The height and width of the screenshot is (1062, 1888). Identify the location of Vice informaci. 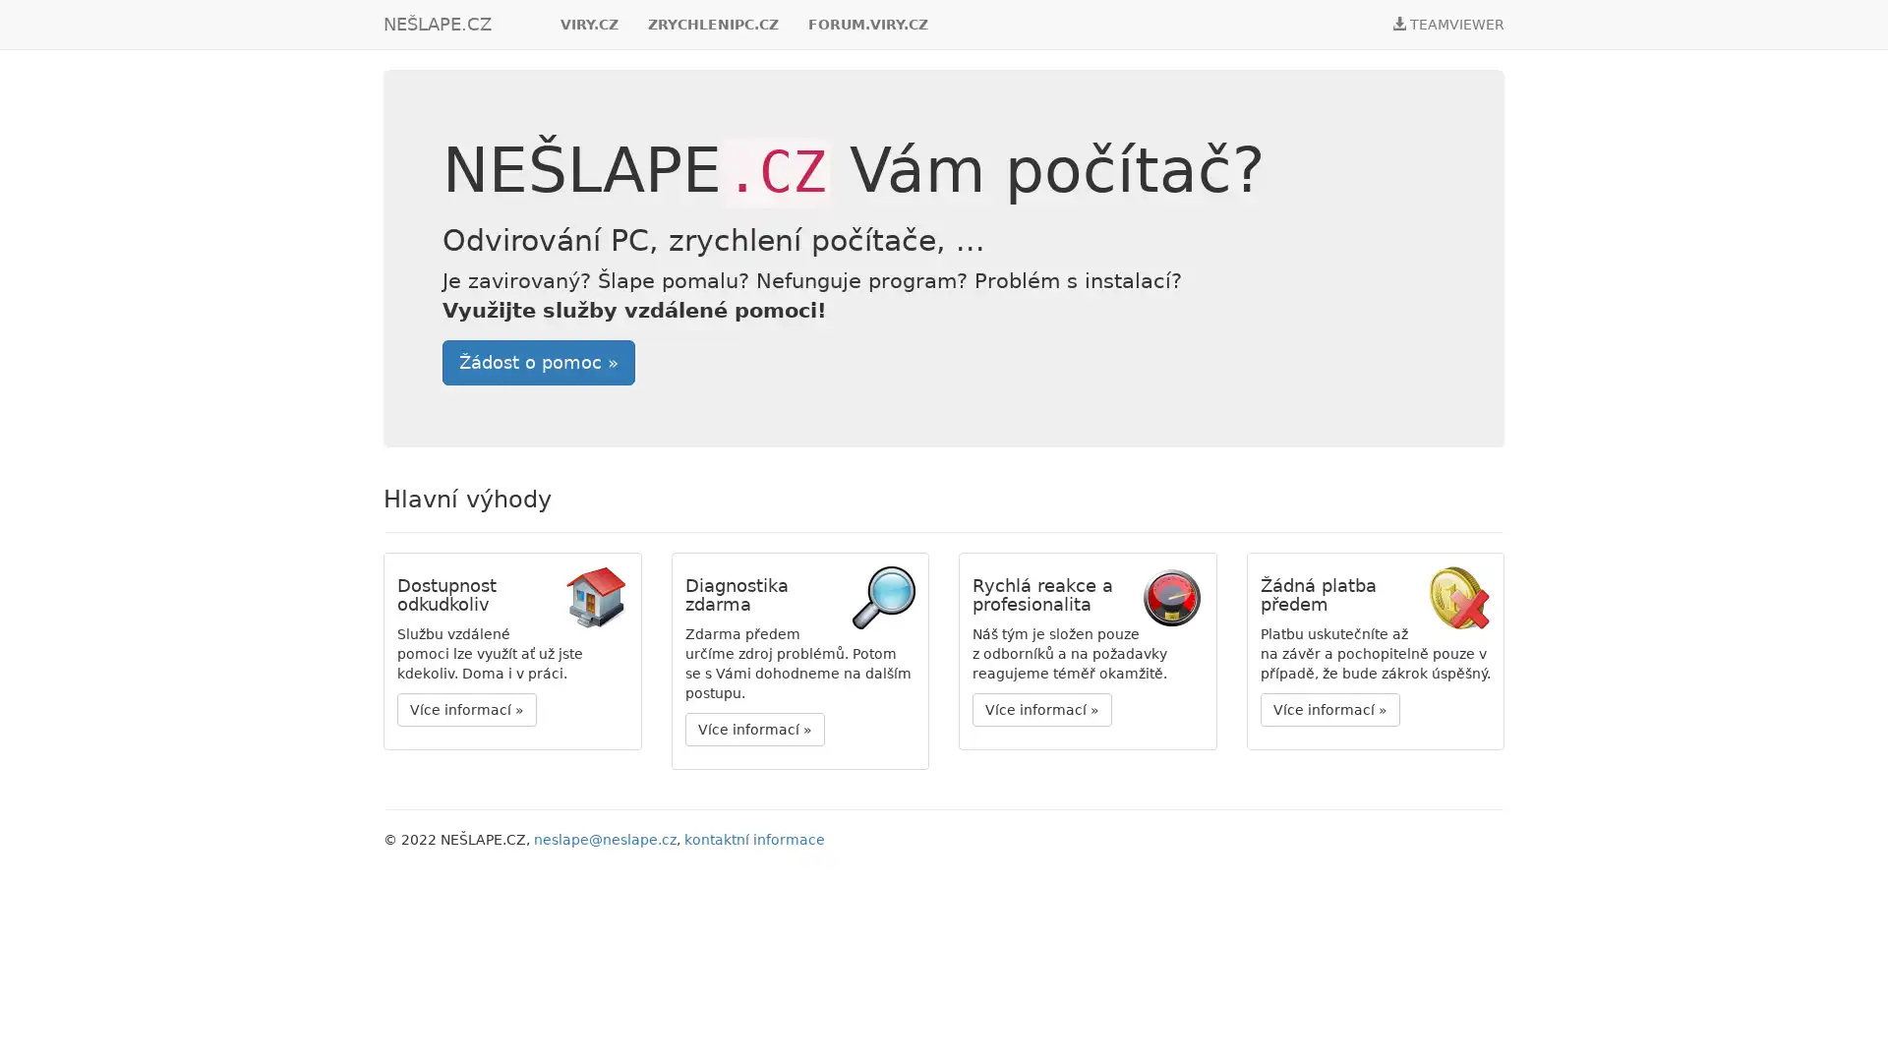
(753, 729).